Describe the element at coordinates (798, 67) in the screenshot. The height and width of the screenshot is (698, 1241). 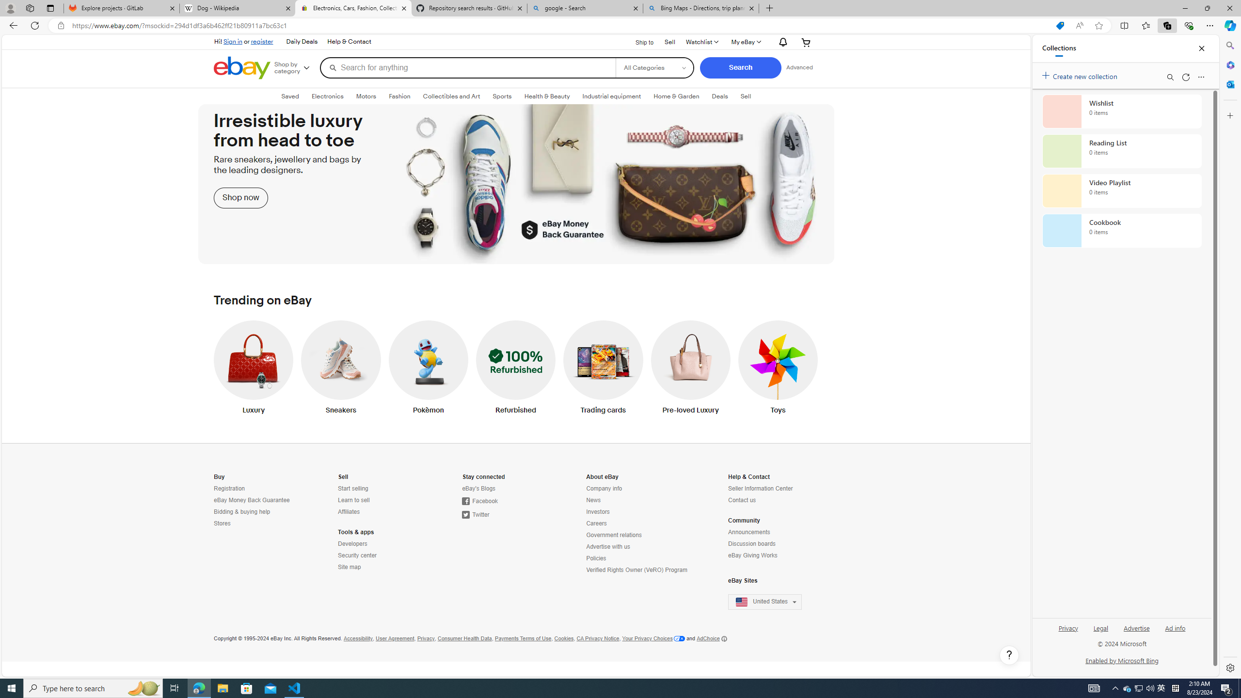
I see `'Advanced Search'` at that location.